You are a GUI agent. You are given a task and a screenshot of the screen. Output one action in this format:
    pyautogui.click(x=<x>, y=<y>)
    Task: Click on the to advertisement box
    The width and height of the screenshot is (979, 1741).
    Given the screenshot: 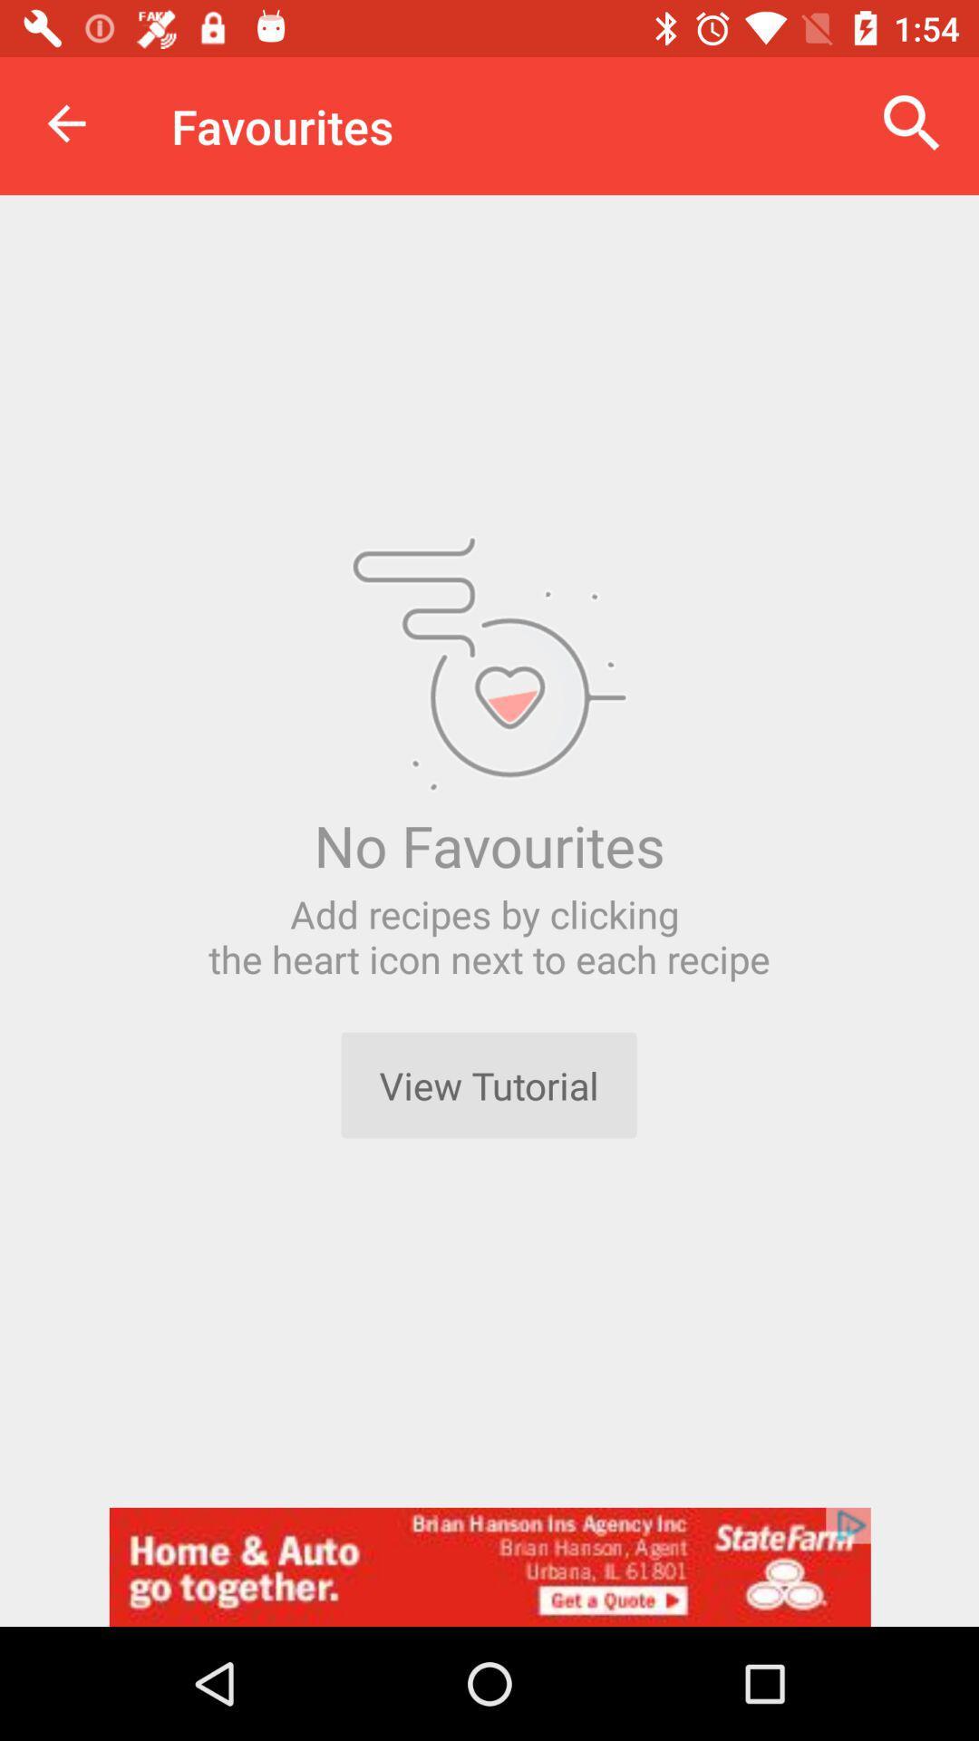 What is the action you would take?
    pyautogui.click(x=489, y=1566)
    